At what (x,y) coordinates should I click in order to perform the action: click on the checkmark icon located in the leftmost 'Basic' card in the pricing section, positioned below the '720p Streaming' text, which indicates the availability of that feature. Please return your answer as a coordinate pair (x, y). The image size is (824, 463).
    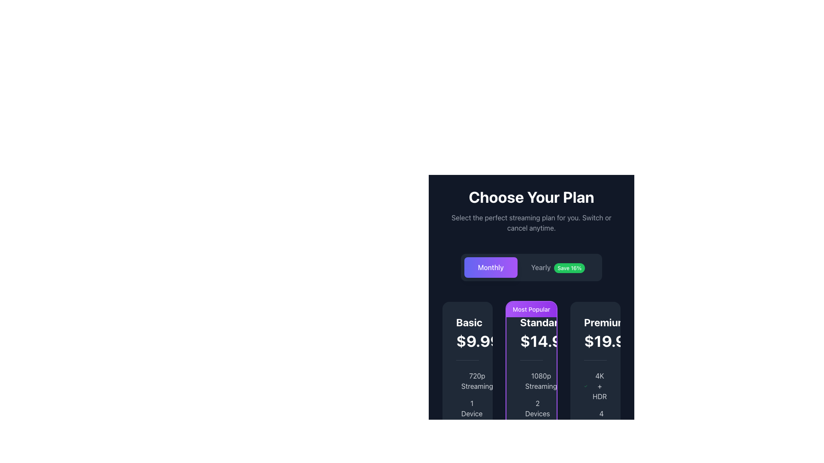
    Looking at the image, I should click on (461, 381).